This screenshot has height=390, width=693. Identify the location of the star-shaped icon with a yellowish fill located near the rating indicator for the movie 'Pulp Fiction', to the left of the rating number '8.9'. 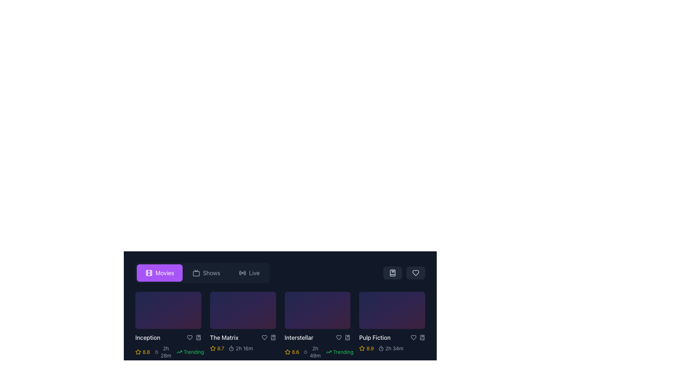
(362, 348).